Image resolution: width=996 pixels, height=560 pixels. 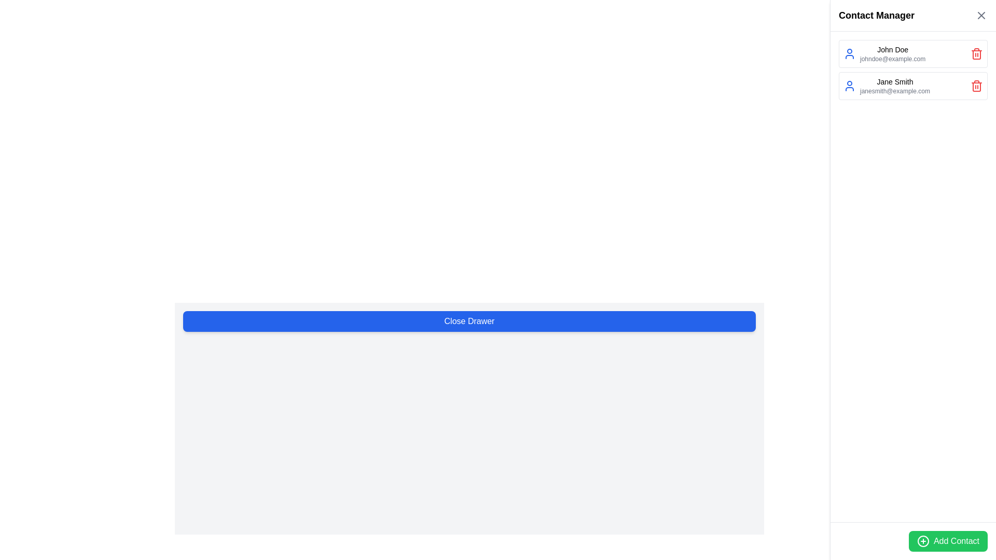 I want to click on the circular SVG element that represents the 'Add Contact' button, which is located at the bottom-right corner of the interface, so click(x=923, y=541).